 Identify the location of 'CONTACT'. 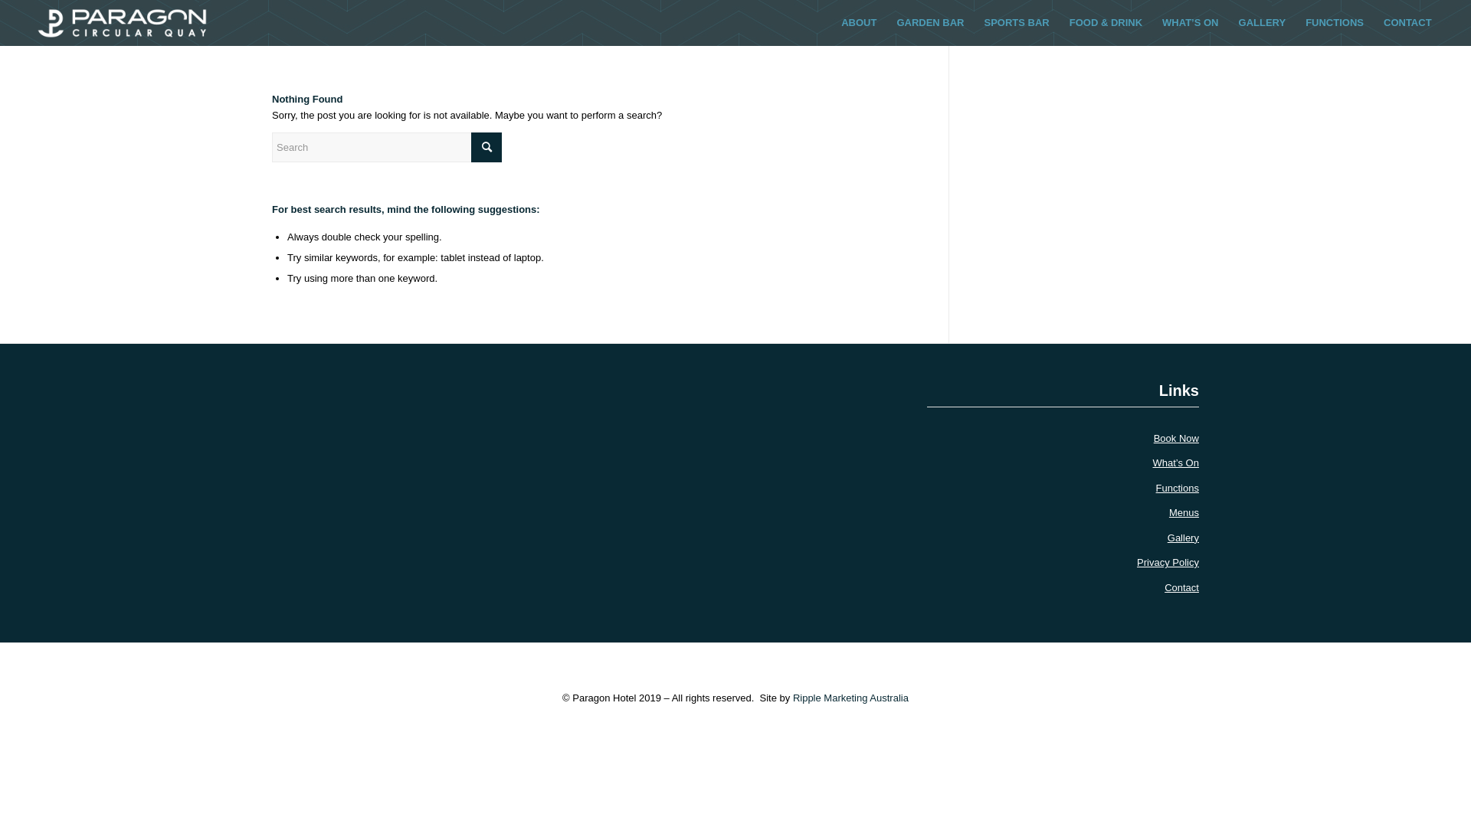
(1407, 23).